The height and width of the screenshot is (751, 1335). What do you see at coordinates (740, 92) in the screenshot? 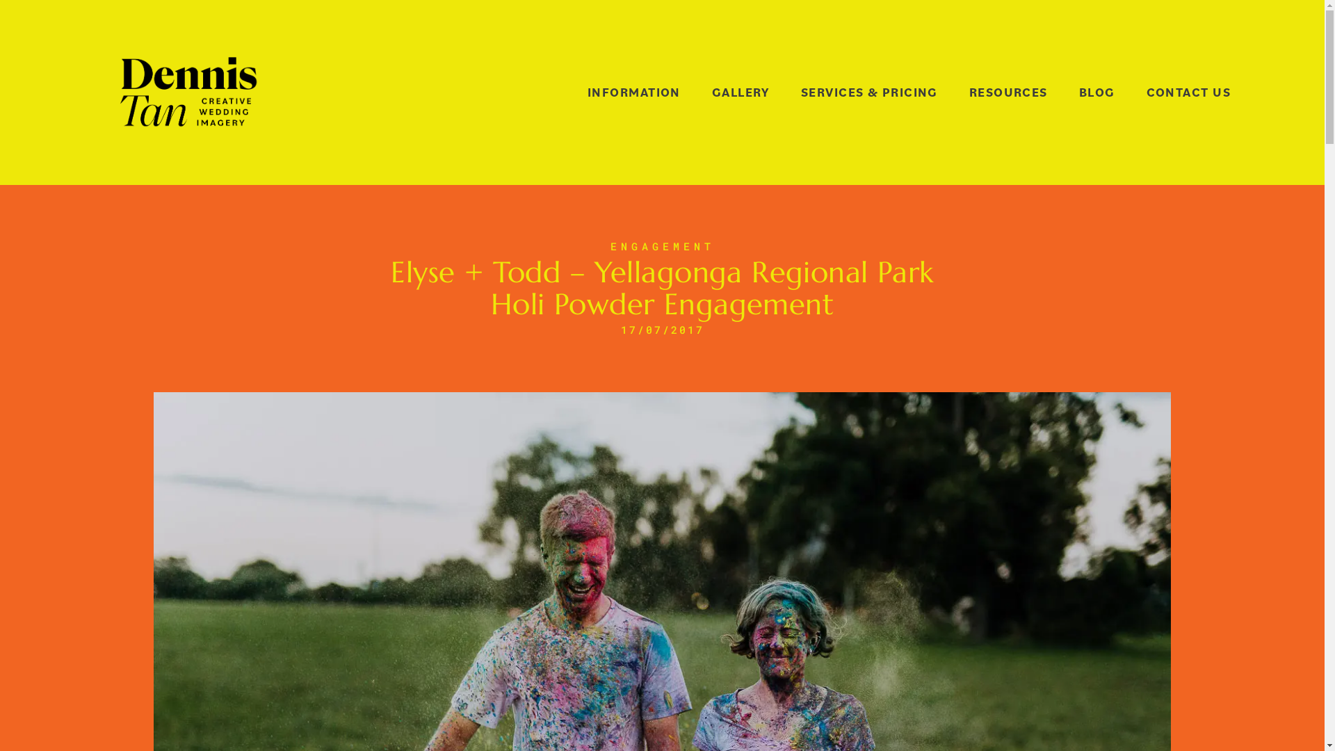
I see `'GALLERY'` at bounding box center [740, 92].